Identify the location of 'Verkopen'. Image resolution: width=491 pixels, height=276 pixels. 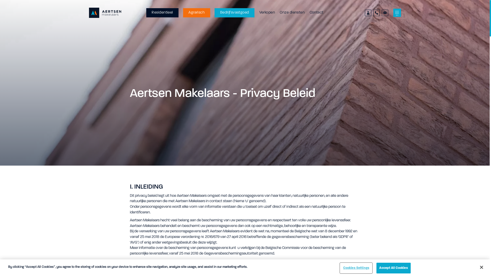
(267, 13).